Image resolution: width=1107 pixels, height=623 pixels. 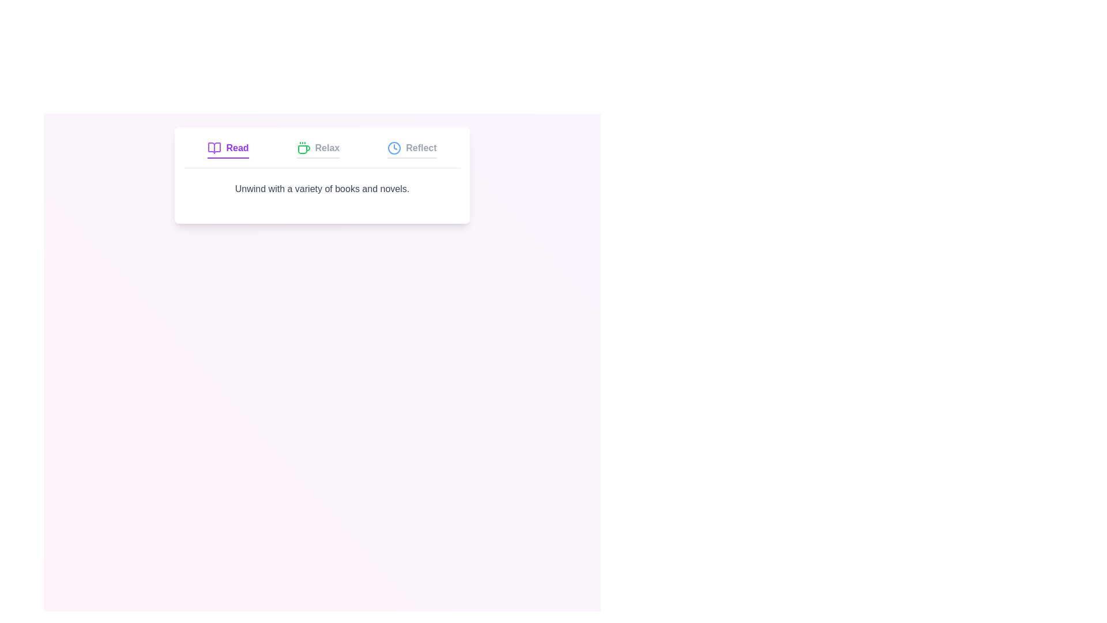 I want to click on the Read tab to activate it, so click(x=228, y=149).